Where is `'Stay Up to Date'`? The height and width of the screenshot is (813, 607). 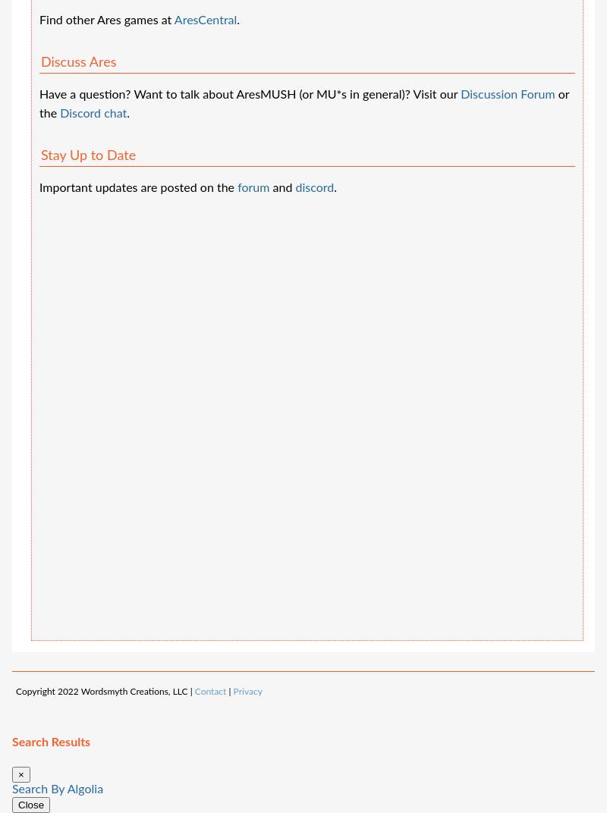
'Stay Up to Date' is located at coordinates (87, 156).